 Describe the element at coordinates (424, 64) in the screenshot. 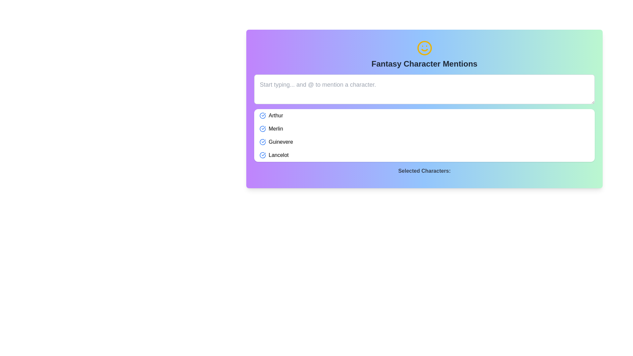

I see `the text label displaying 'Fantasy Character Mentions', which is a bold and prominent header located in the upper section of the layout` at that location.